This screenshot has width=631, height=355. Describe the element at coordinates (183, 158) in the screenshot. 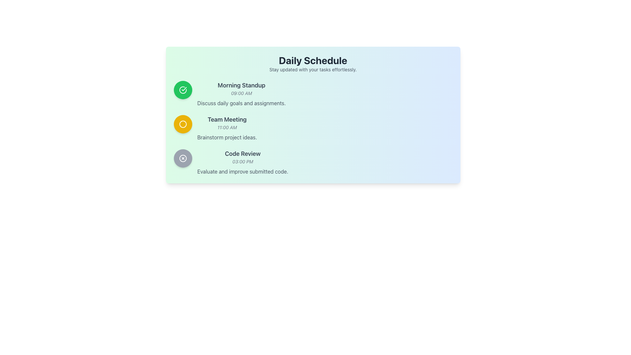

I see `the gray circular button with a cross symbol that represents cancellation, located to the left of the 'Code Review' task item in the list of scheduled events` at that location.